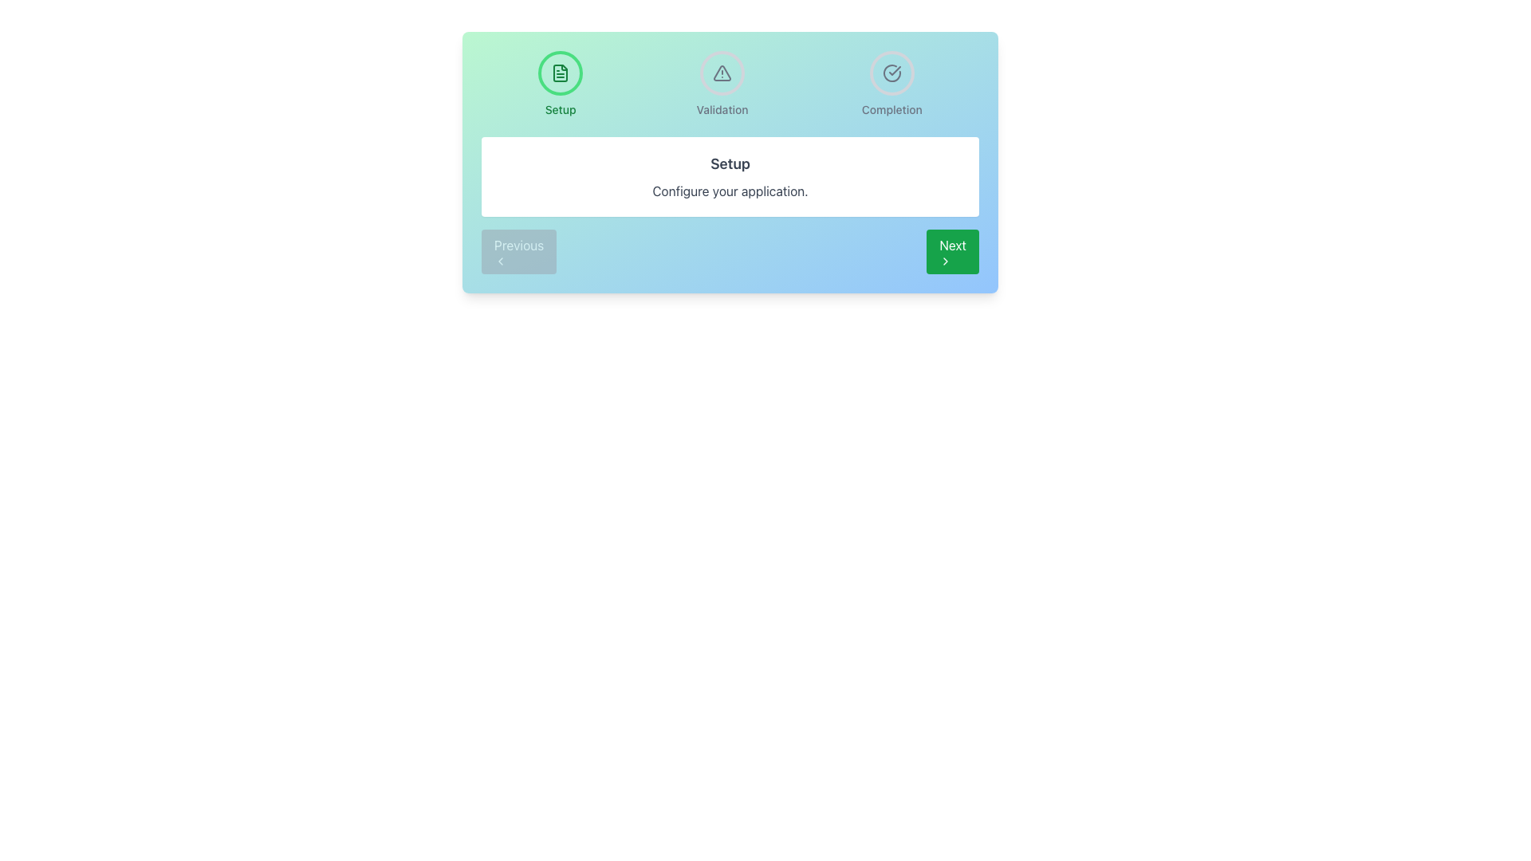  Describe the element at coordinates (722, 73) in the screenshot. I see `the validation step icon, which is the second step indicator in the sequence, visually highlighted to indicate its importance` at that location.